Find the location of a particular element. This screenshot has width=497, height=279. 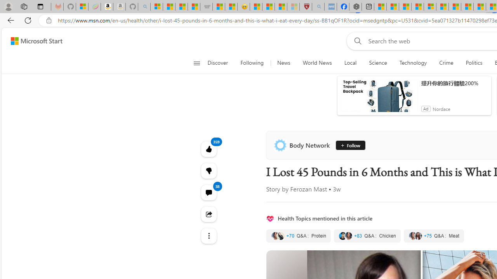

'359 Like' is located at coordinates (209, 149).